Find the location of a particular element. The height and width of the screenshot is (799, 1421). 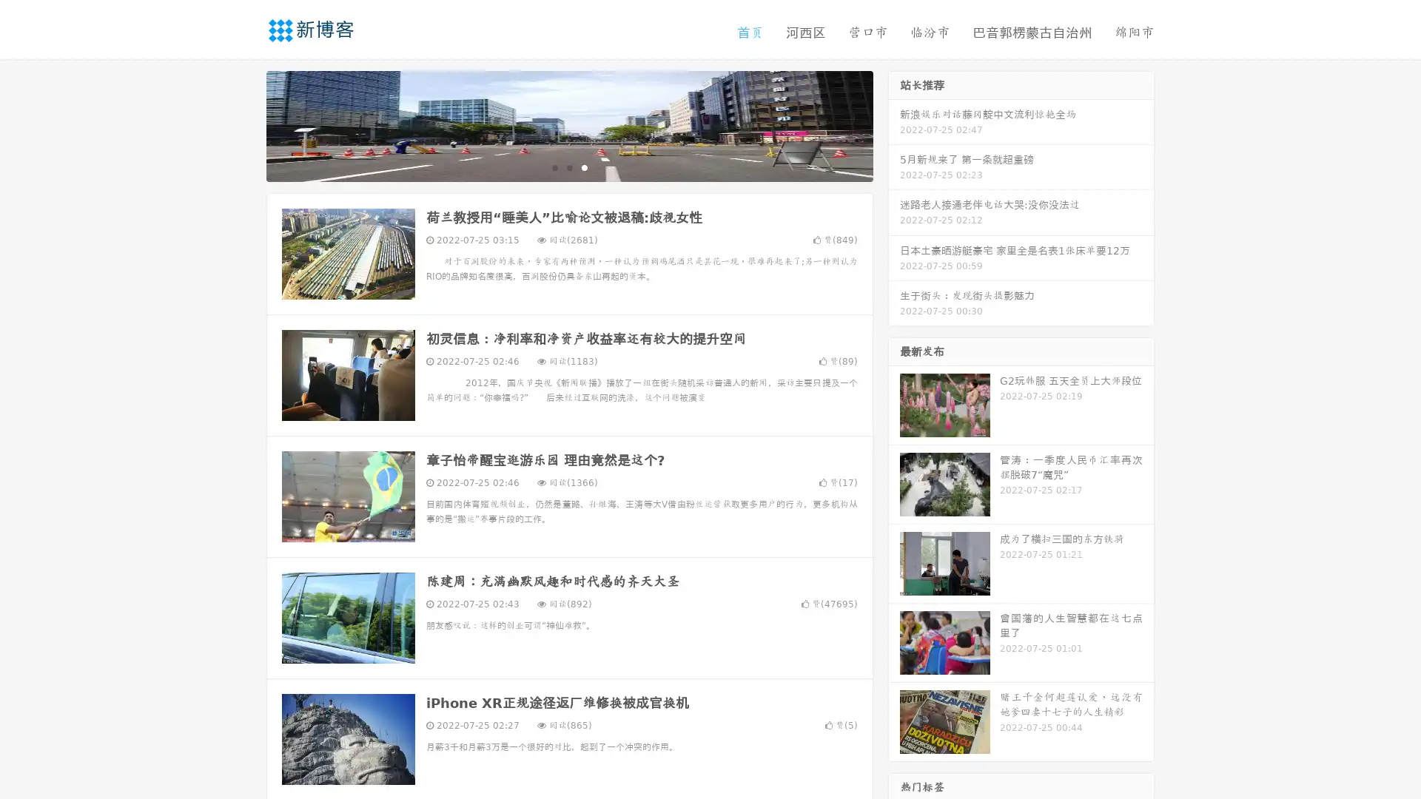

Next slide is located at coordinates (894, 124).